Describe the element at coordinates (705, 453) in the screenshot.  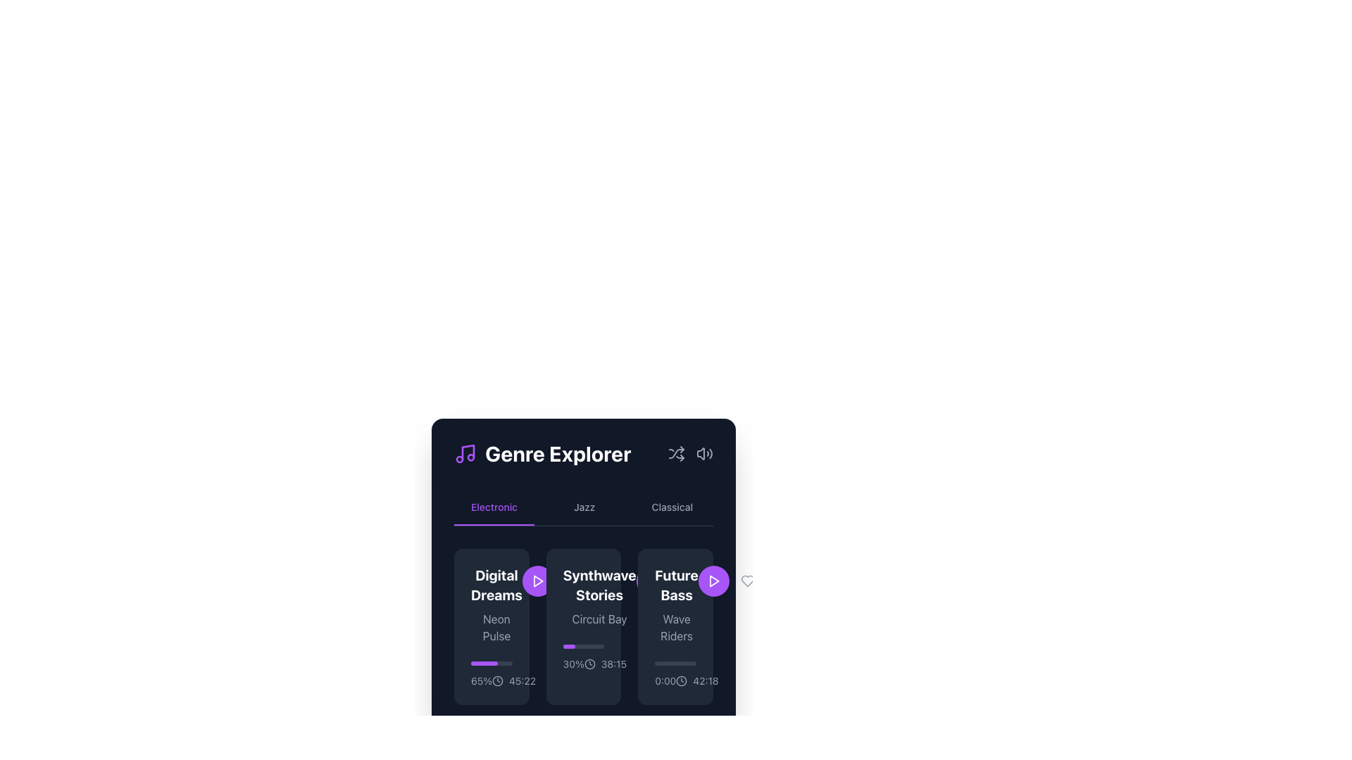
I see `the volume control icon button located in the top-right corner of the 'Genre Explorer' section` at that location.